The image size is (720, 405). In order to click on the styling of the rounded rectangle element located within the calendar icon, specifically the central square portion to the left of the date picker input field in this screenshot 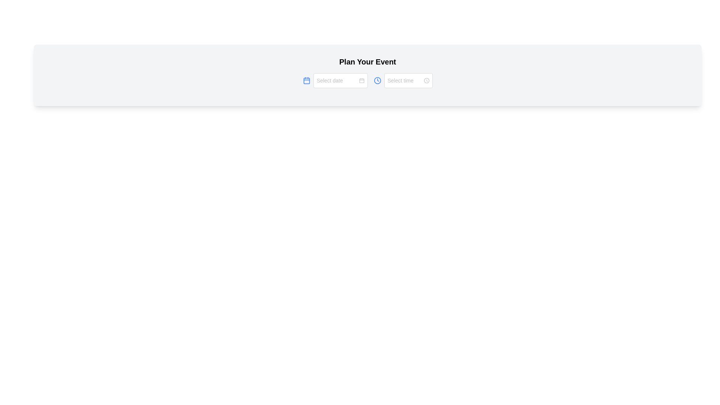, I will do `click(306, 81)`.